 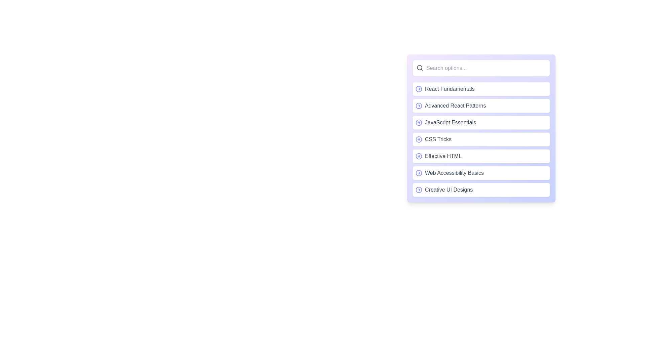 I want to click on the decorative SVG circle element adjacent to the 'JavaScript Essentials' text in the vertical menu, which is the fifth item in the list, so click(x=418, y=123).